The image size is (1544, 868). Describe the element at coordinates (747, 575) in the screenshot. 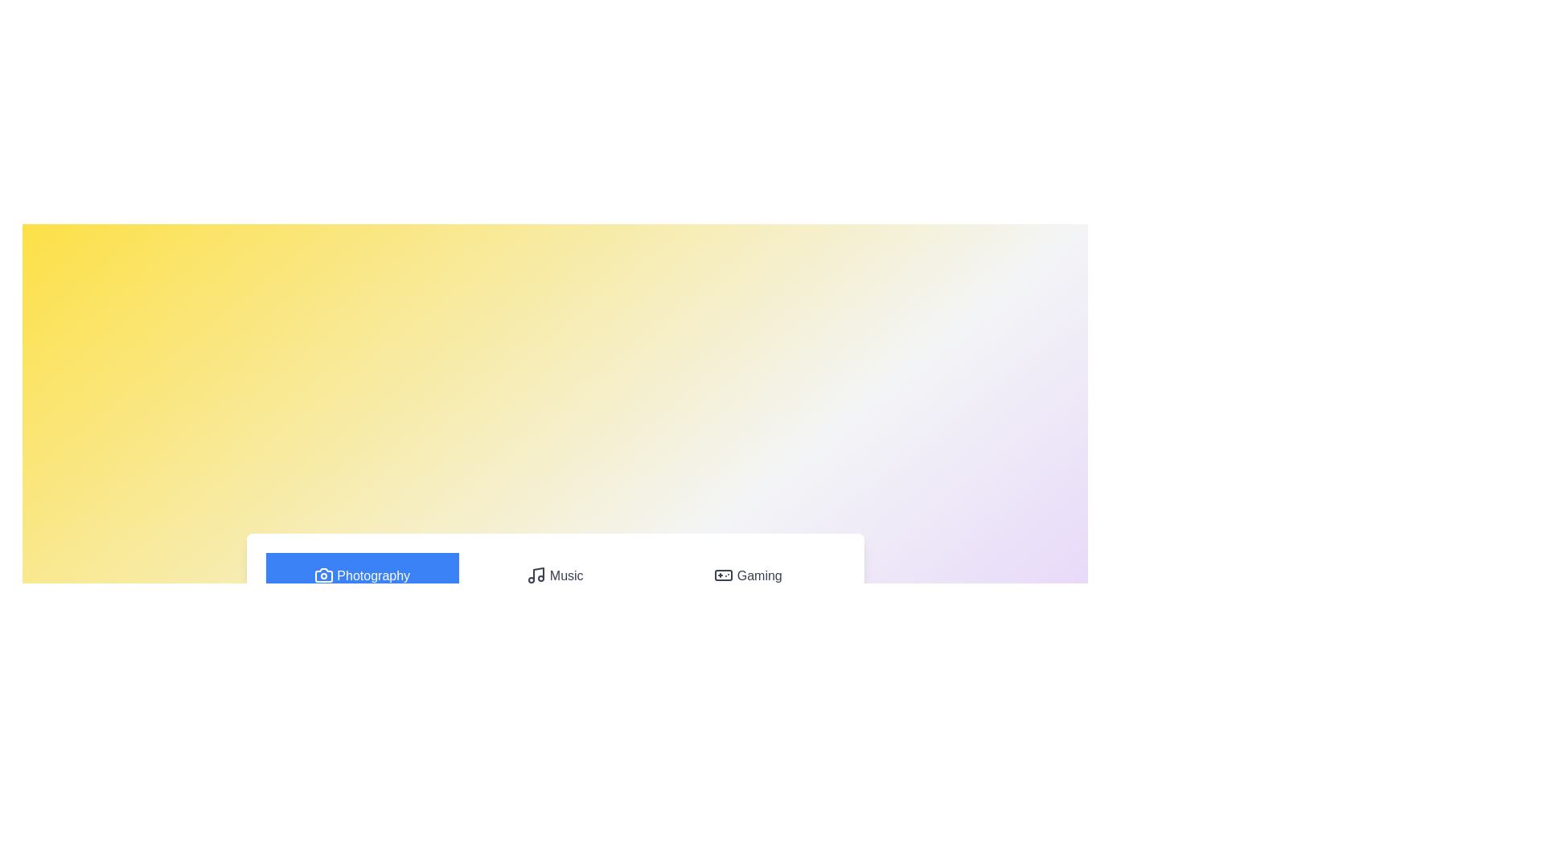

I see `the tab labeled Gaming` at that location.